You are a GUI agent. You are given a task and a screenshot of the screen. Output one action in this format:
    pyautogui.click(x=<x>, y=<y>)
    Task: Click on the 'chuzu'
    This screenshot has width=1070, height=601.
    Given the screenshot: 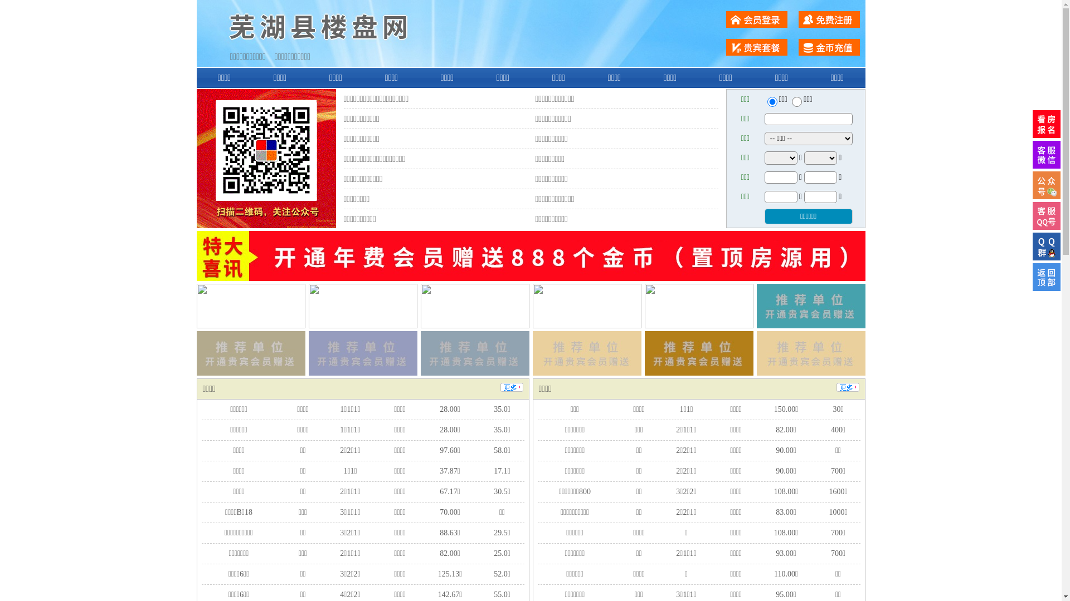 What is the action you would take?
    pyautogui.click(x=796, y=101)
    